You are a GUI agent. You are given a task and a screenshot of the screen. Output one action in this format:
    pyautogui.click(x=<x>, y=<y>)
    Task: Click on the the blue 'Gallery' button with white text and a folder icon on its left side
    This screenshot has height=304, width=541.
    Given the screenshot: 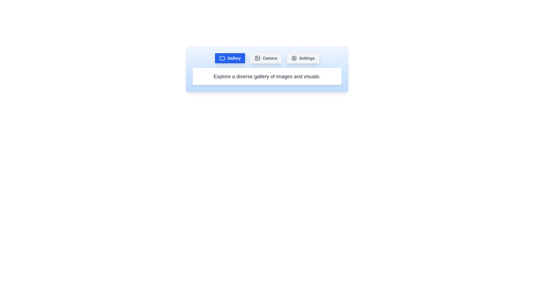 What is the action you would take?
    pyautogui.click(x=230, y=58)
    